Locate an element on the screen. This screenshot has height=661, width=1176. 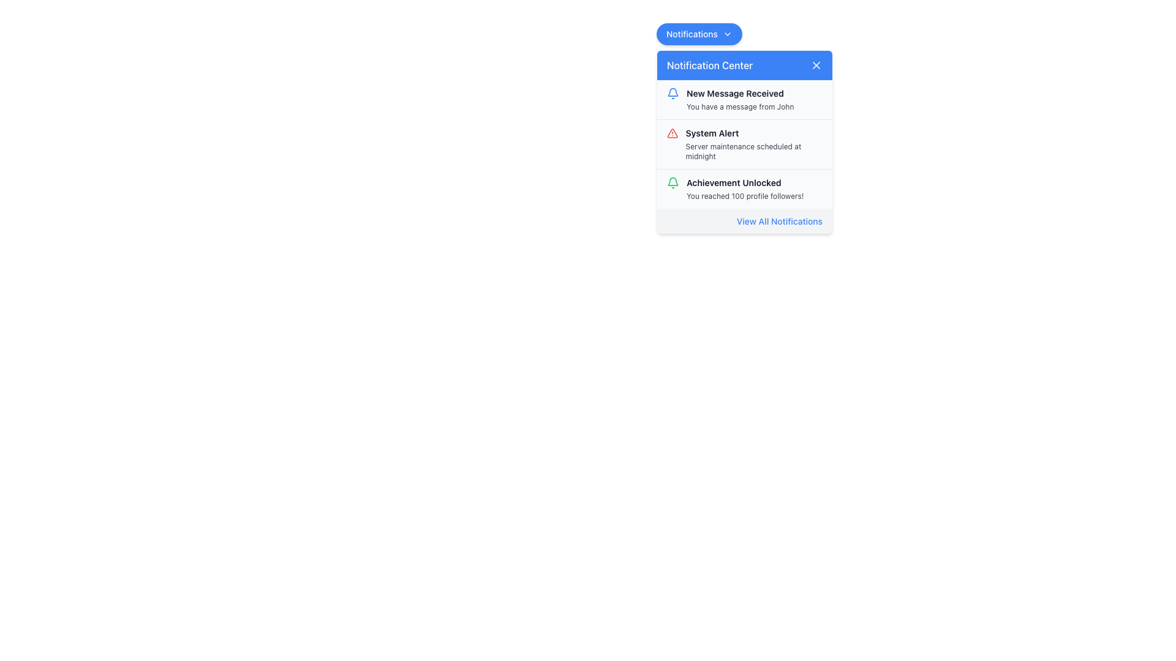
text from the 'Notification Center' header bar located at the top of the notification dropdown panel is located at coordinates (744, 65).